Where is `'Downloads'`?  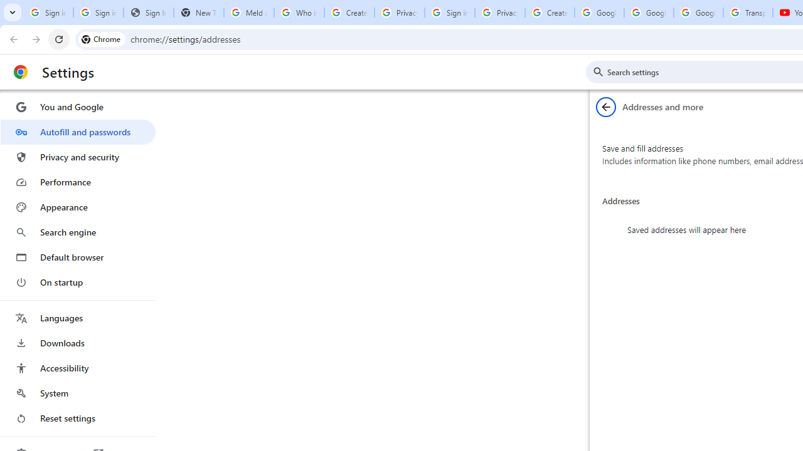 'Downloads' is located at coordinates (77, 343).